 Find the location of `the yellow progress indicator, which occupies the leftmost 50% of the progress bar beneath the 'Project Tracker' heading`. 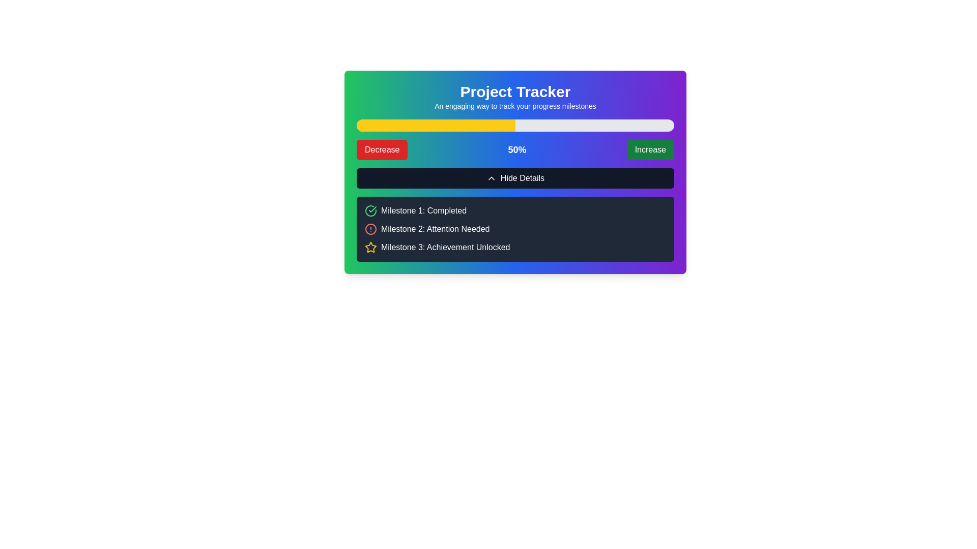

the yellow progress indicator, which occupies the leftmost 50% of the progress bar beneath the 'Project Tracker' heading is located at coordinates (436, 125).